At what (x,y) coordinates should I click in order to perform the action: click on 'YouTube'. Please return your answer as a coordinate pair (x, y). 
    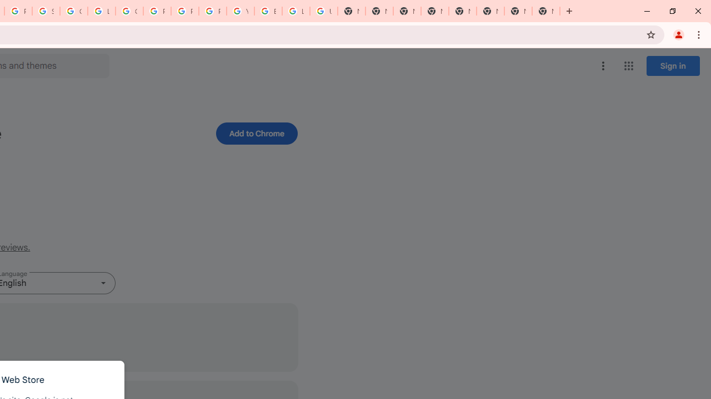
    Looking at the image, I should click on (240, 11).